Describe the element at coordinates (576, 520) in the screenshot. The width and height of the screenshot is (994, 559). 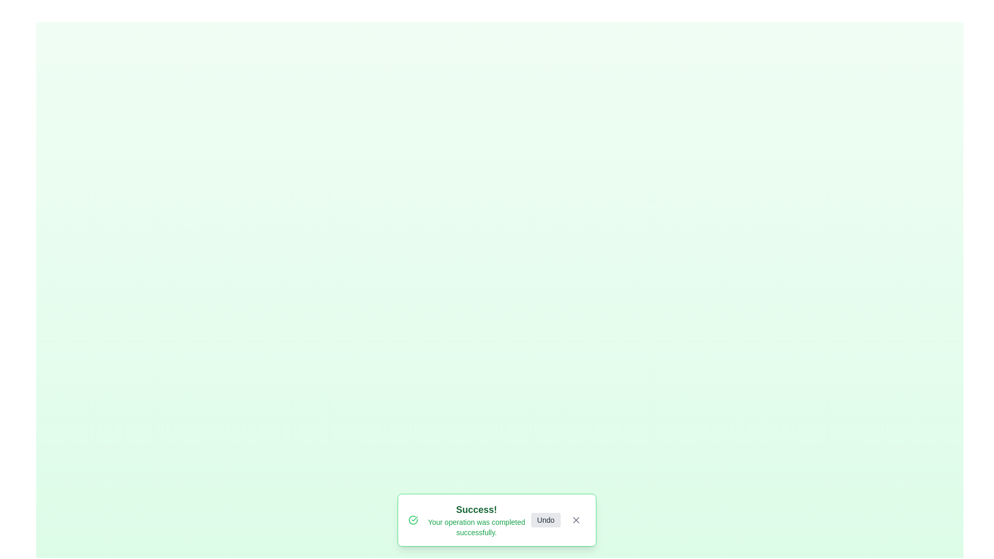
I see `the close icon to dismiss the snackbar` at that location.